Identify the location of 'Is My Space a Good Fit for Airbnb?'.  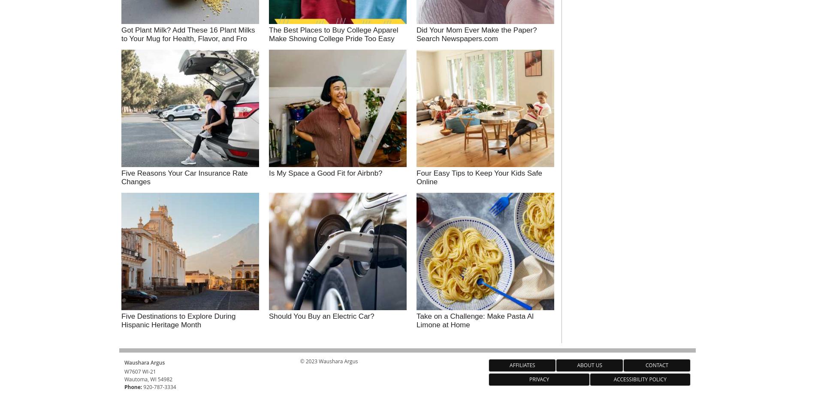
(325, 172).